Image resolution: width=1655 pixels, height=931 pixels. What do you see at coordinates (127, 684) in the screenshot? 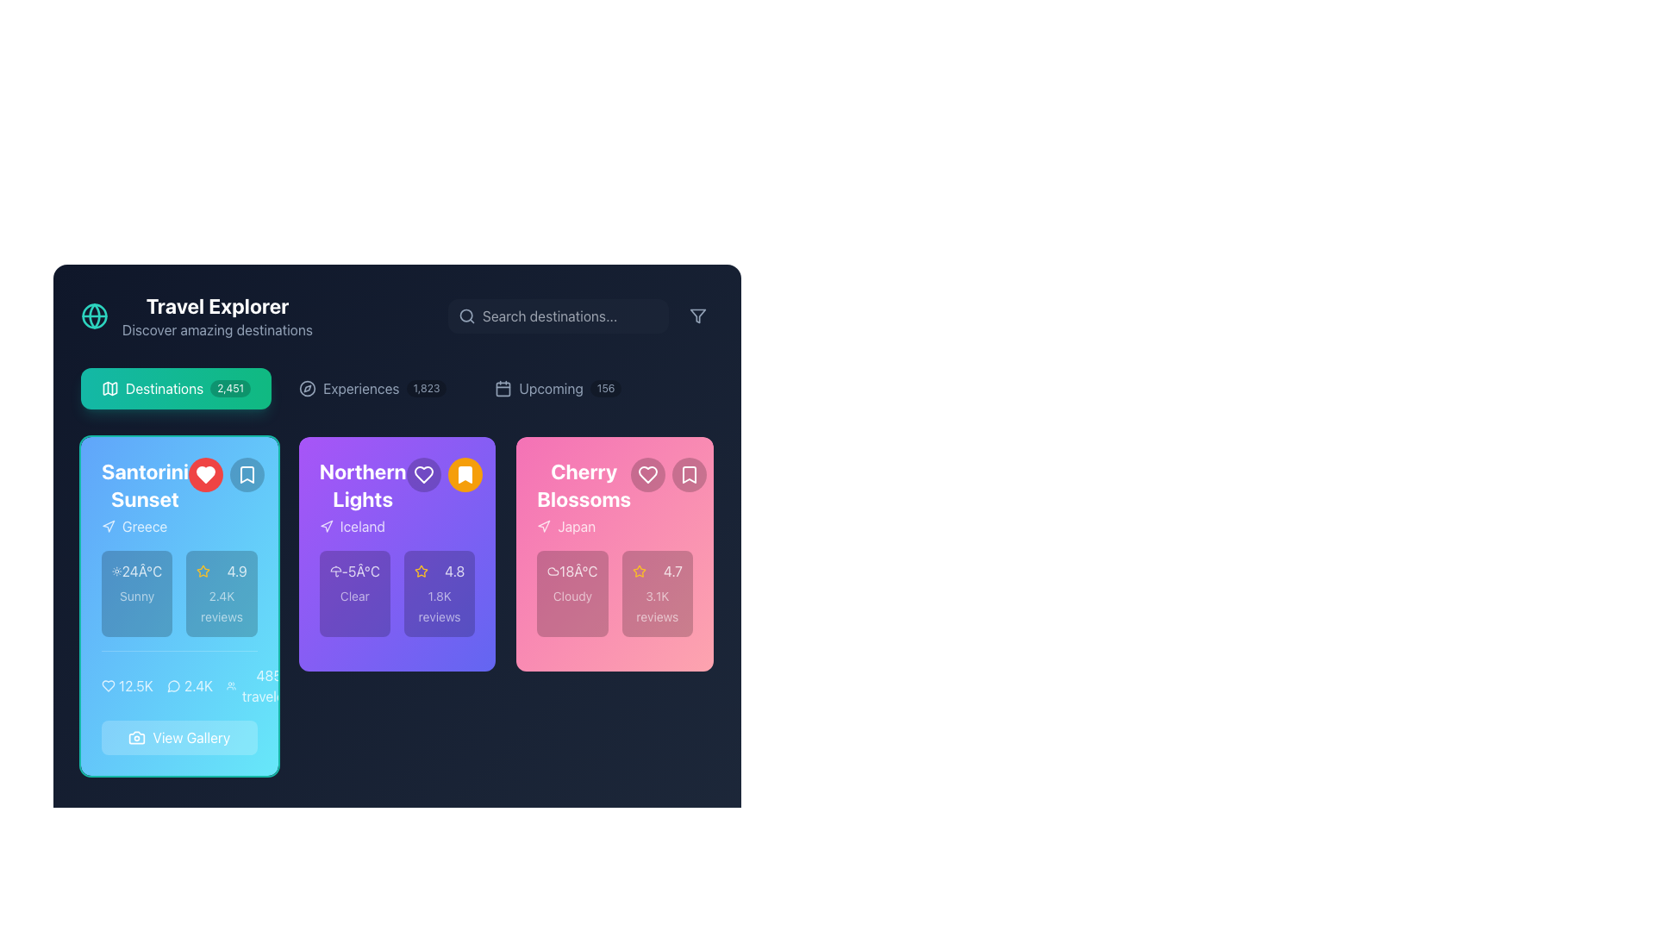
I see `the metric displayed by the icon-text combination showing '12.5K' for the 'Santorini Sunset' entry, which is the first item in a horizontal sequence` at bounding box center [127, 684].